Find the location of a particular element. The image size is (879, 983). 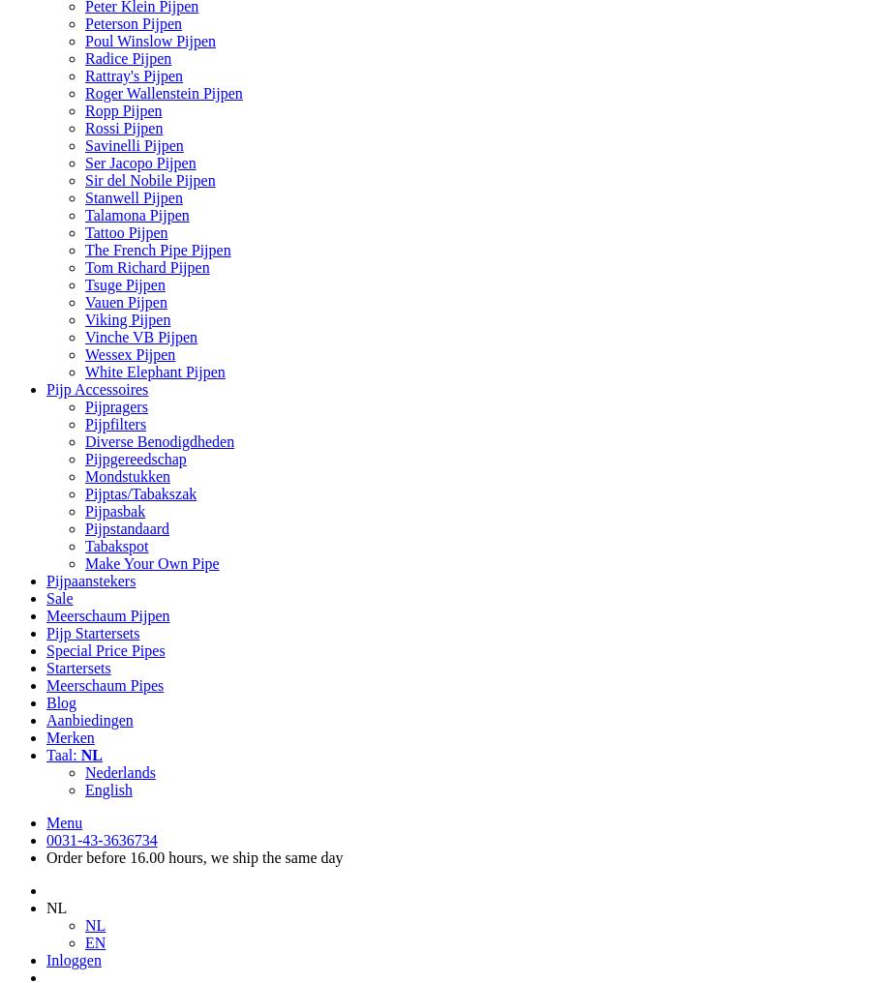

'Pijp Startersets' is located at coordinates (91, 632).